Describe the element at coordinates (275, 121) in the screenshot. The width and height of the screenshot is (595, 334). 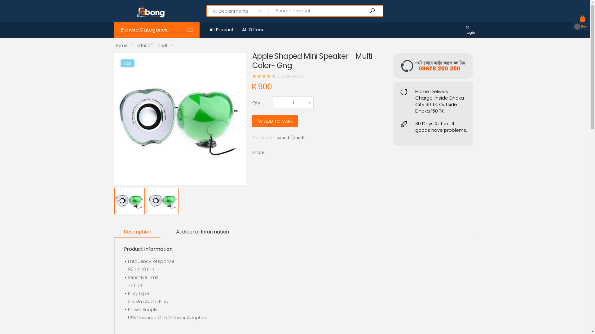
I see `'ADD TO CART'` at that location.